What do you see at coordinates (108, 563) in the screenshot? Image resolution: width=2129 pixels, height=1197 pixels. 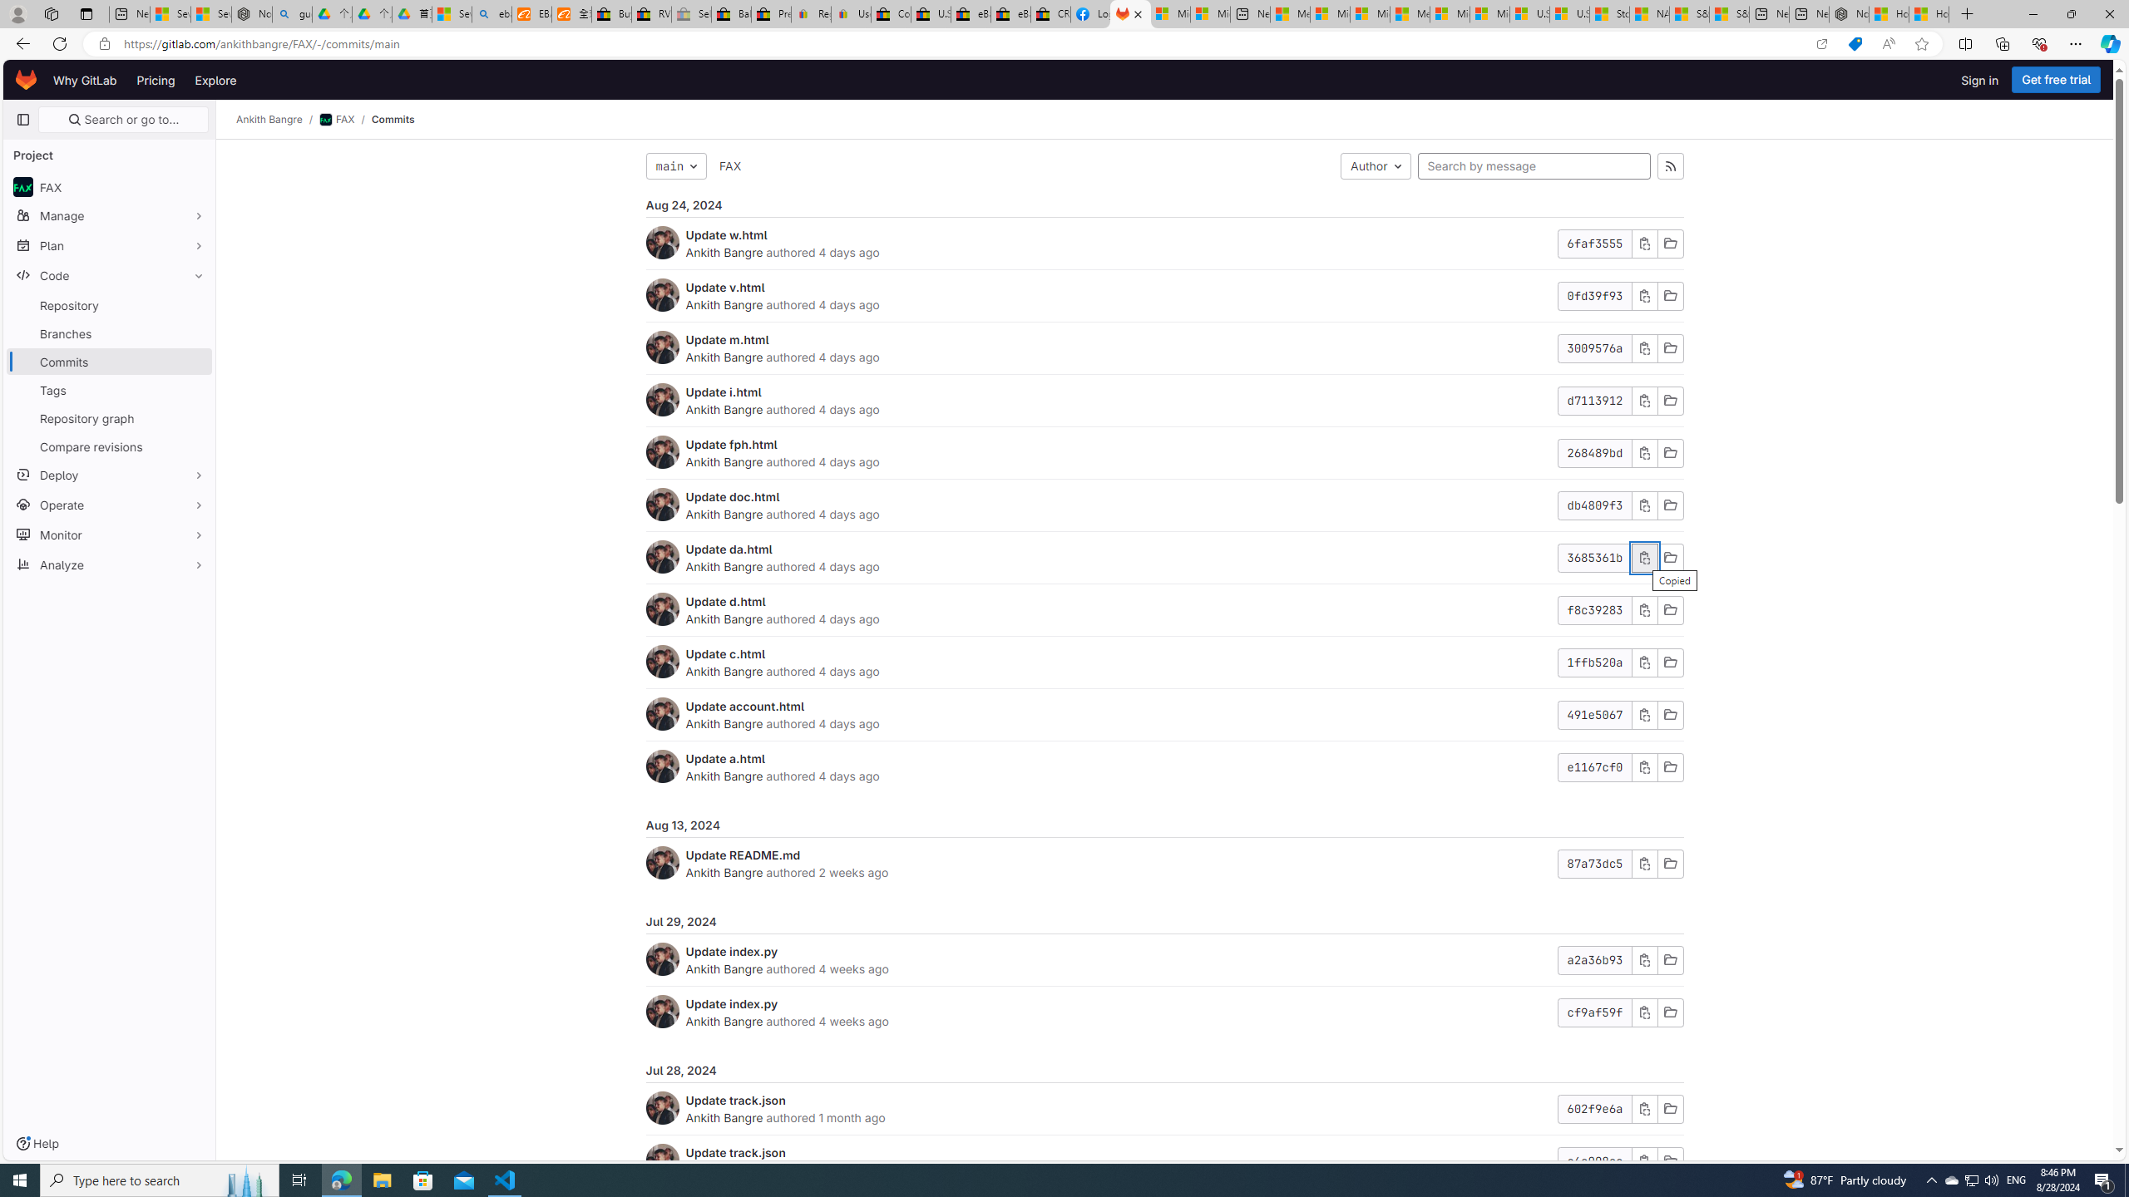 I see `'Analyze'` at bounding box center [108, 563].